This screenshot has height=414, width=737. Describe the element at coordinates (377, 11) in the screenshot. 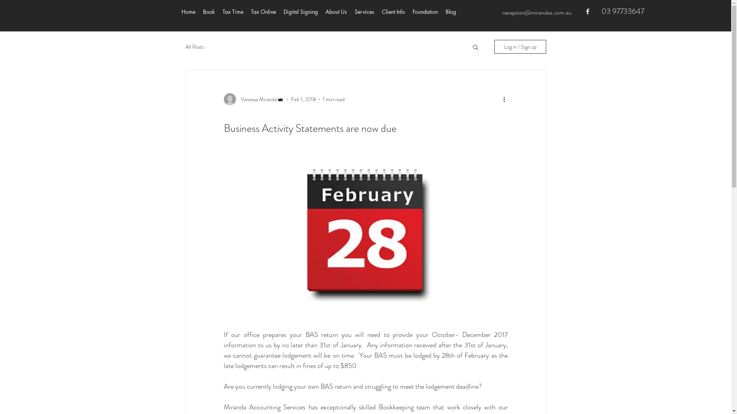

I see `'Client Info'` at that location.